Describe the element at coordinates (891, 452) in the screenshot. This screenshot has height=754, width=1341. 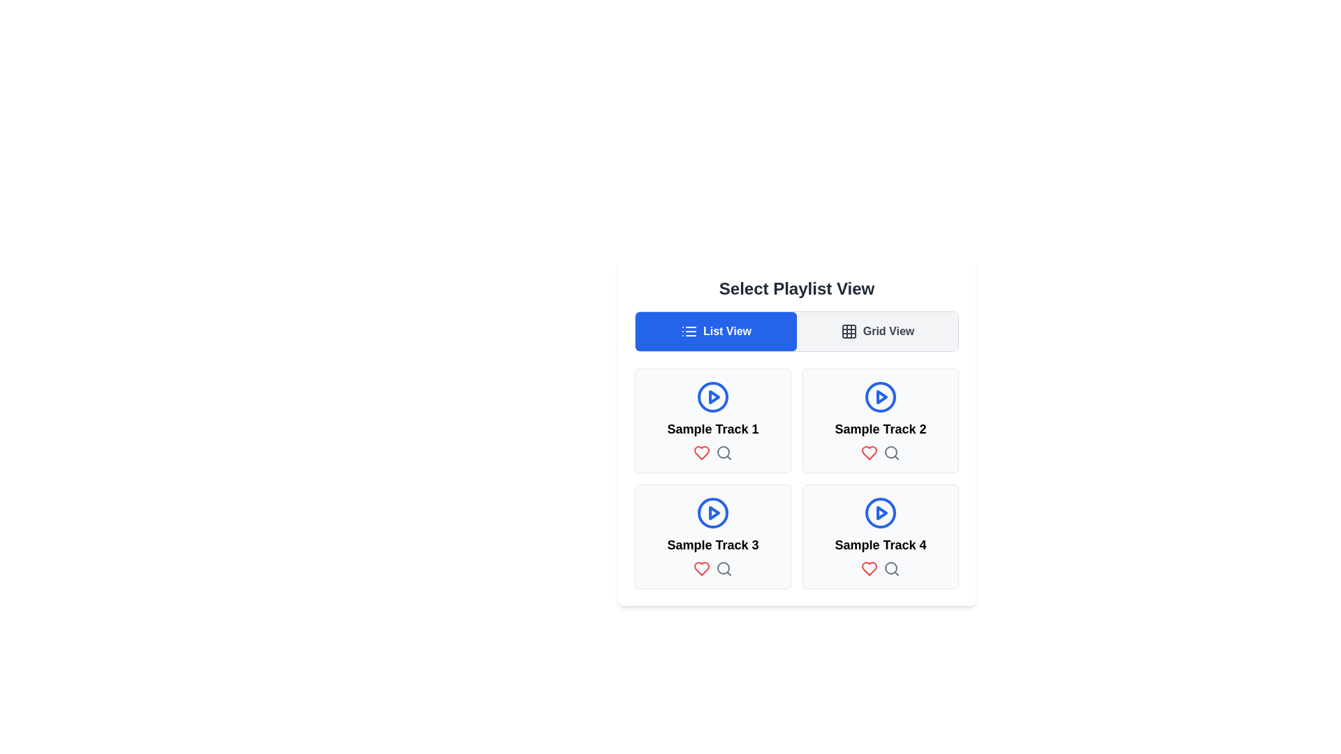
I see `the small gray outlined magnifying glass icon located at the bottom-right corner of the 'Sample Track 2' card` at that location.